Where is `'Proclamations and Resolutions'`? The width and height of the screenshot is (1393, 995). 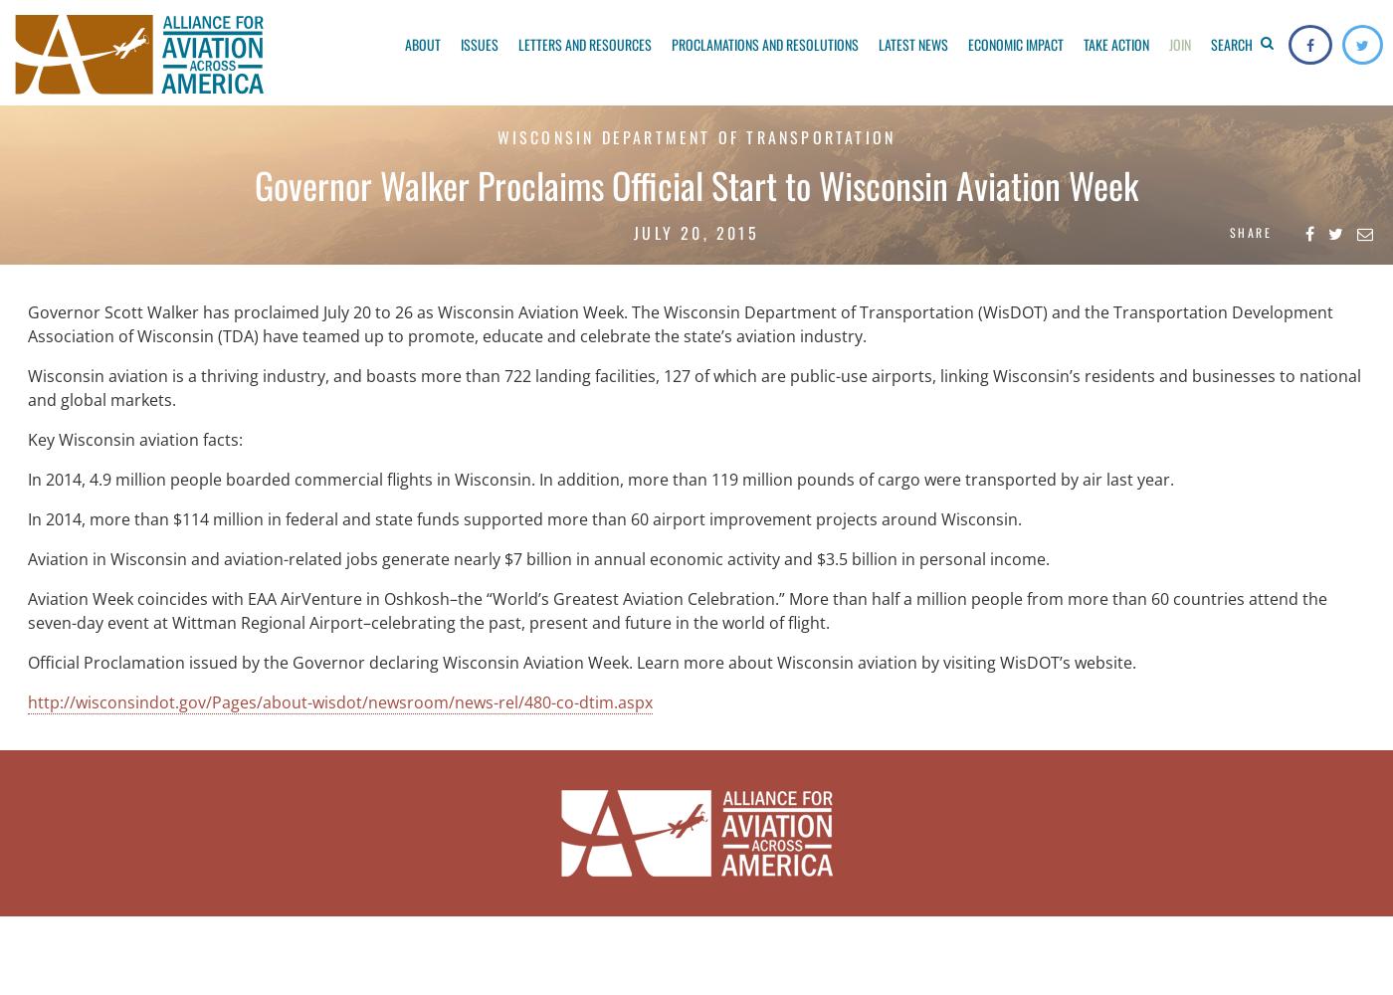
'Proclamations and Resolutions' is located at coordinates (671, 44).